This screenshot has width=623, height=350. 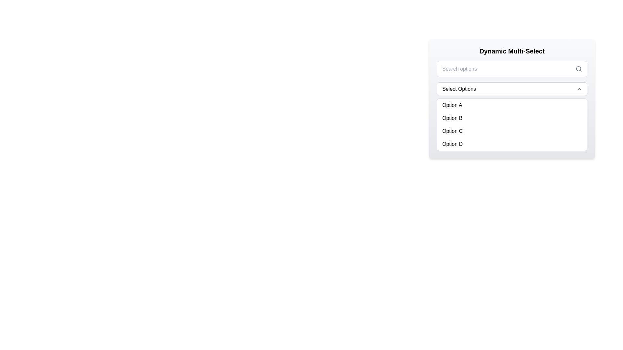 I want to click on the small upward-facing chevron icon located to the far right of the 'Select Options' dropdown menu, so click(x=579, y=89).